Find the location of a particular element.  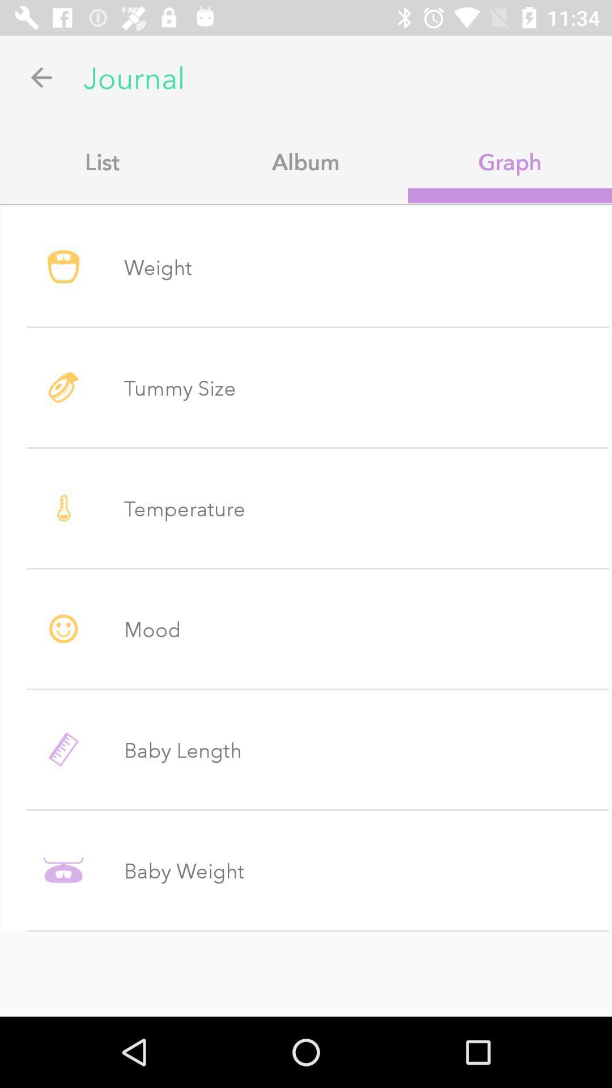

the app to the left of the graph icon is located at coordinates (306, 161).